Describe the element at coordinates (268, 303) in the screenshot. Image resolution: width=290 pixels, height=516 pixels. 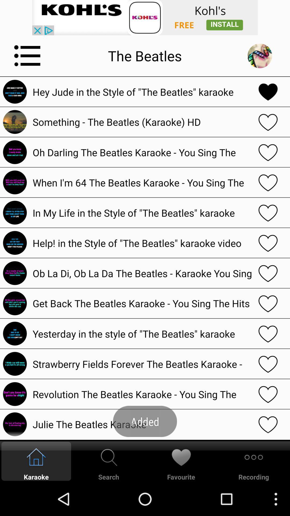
I see `to favorites` at that location.